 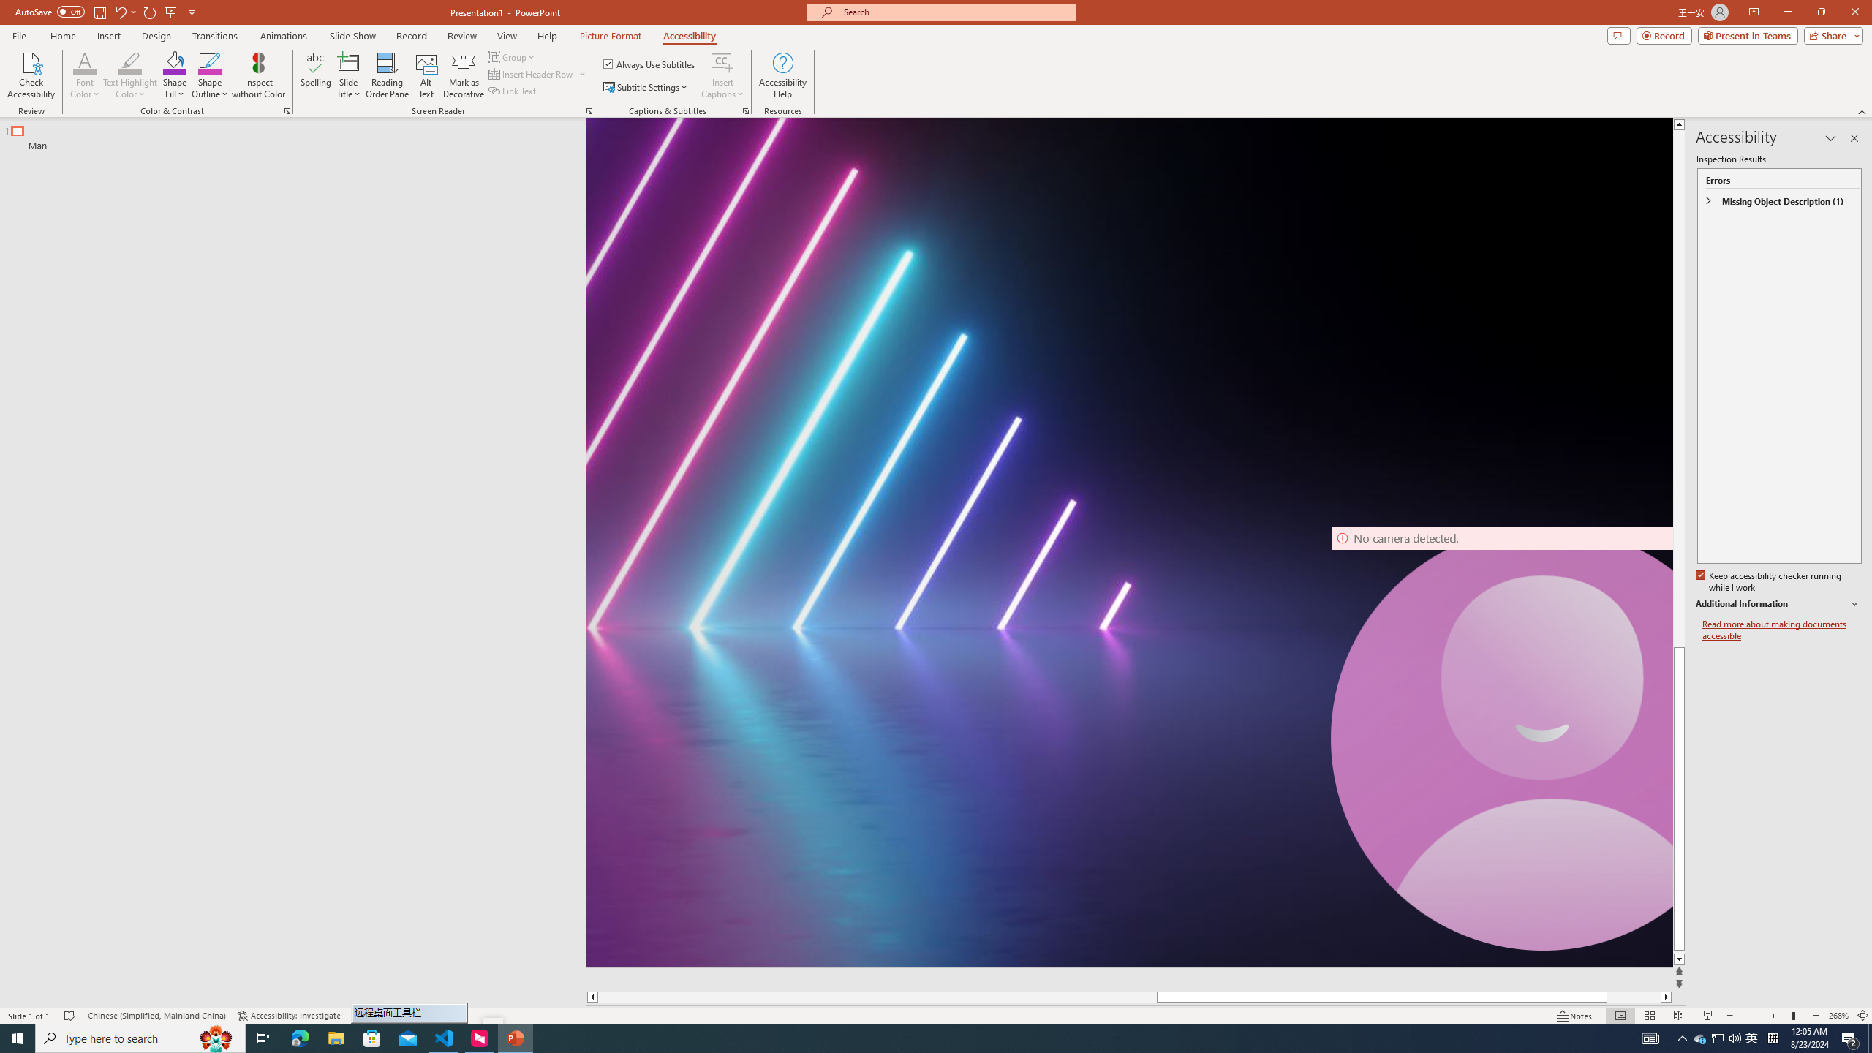 I want to click on 'Mark as Decorative', so click(x=463, y=75).